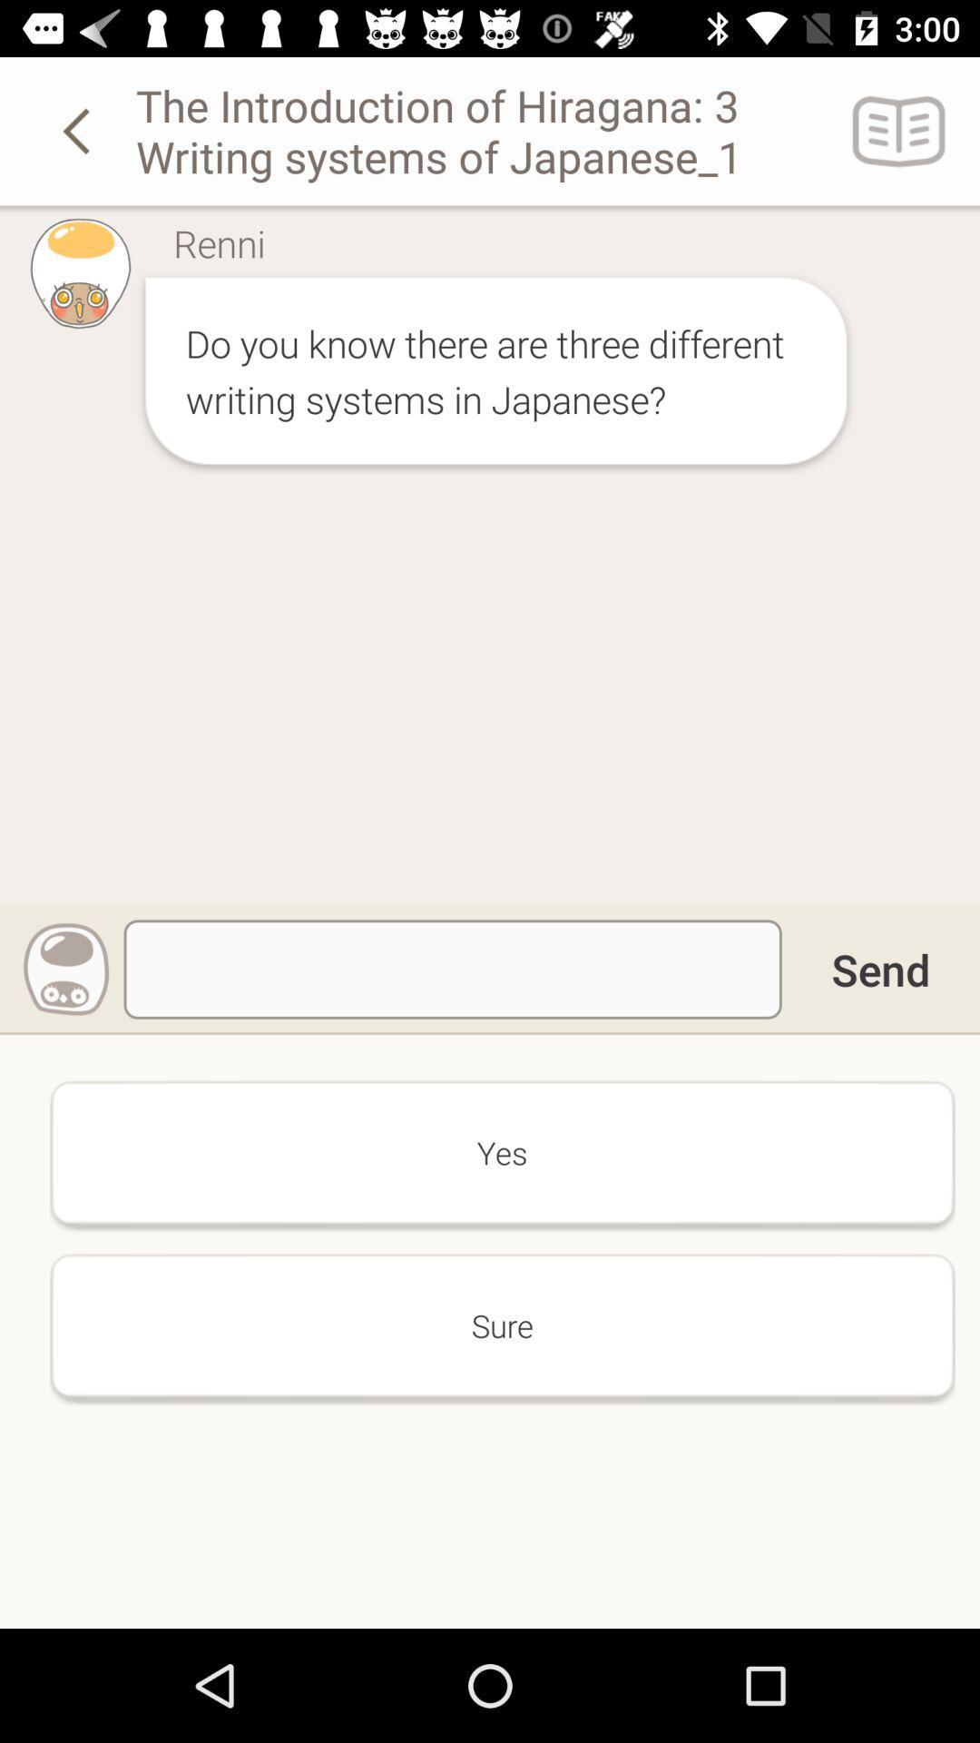 This screenshot has width=980, height=1743. I want to click on the book icon, so click(899, 130).